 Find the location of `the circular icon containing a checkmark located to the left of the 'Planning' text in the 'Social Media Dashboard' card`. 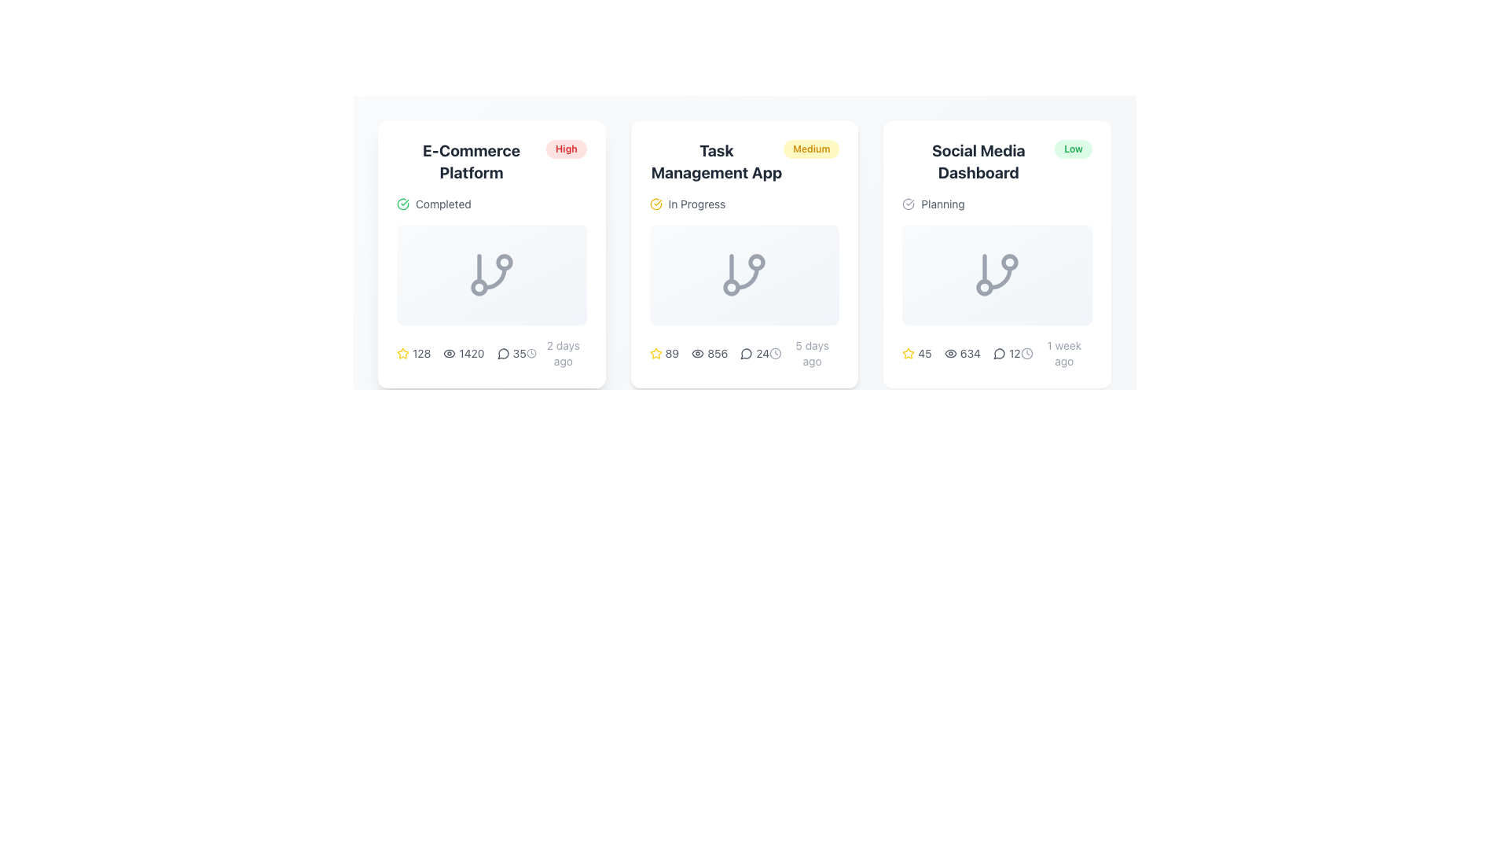

the circular icon containing a checkmark located to the left of the 'Planning' text in the 'Social Media Dashboard' card is located at coordinates (909, 203).